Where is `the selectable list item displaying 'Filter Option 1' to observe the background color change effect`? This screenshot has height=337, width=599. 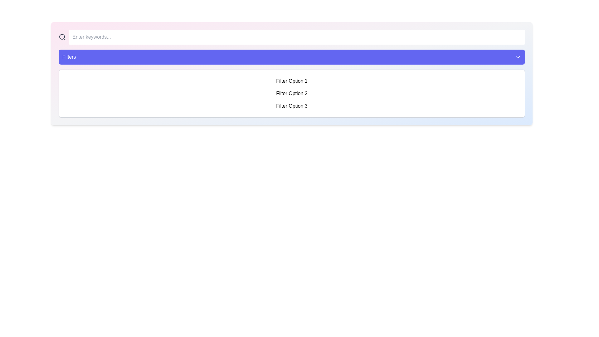 the selectable list item displaying 'Filter Option 1' to observe the background color change effect is located at coordinates (291, 81).